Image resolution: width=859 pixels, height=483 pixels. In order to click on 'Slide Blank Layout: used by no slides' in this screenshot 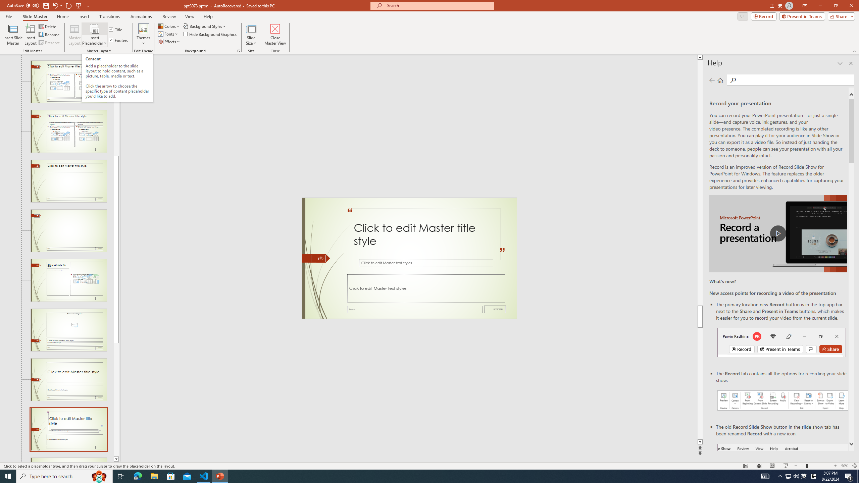, I will do `click(68, 231)`.